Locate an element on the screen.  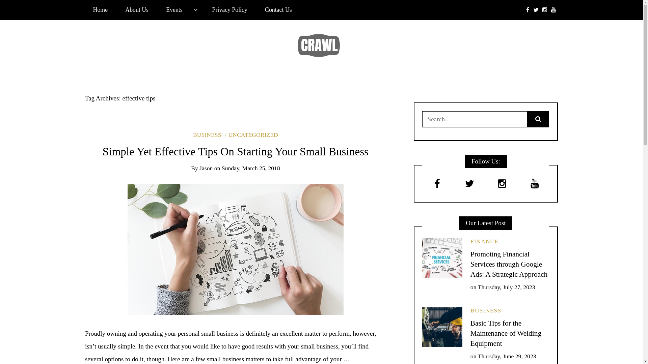
'Thursday, June 29, 2023' is located at coordinates (478, 356).